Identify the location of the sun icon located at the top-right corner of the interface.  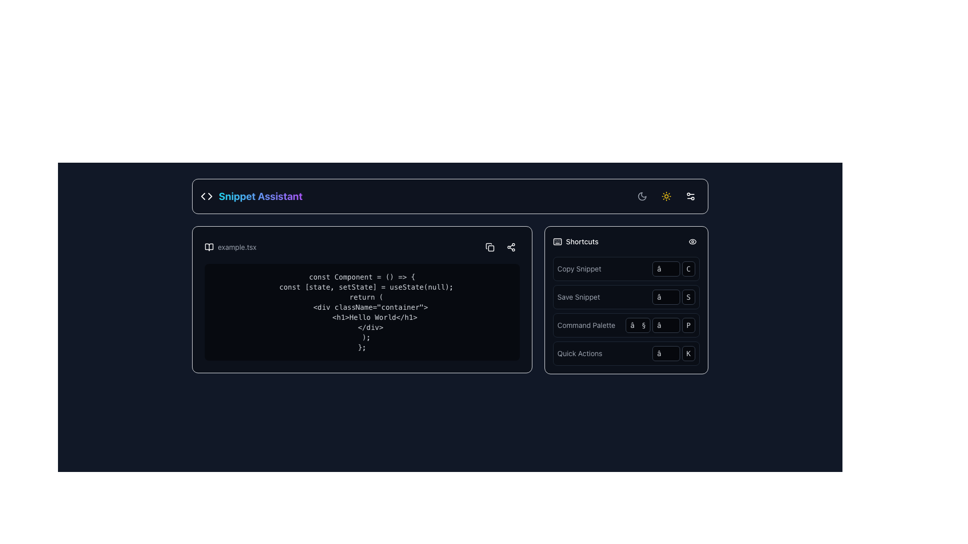
(666, 196).